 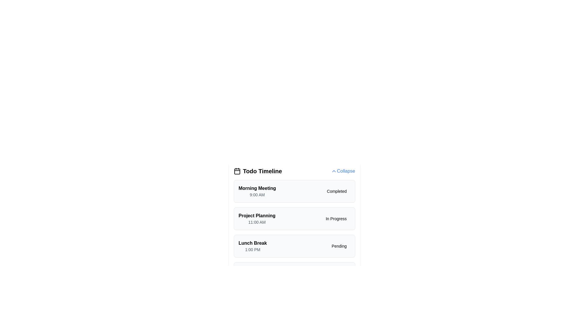 What do you see at coordinates (252, 246) in the screenshot?
I see `information displayed in the Text Display element that shows 'Lunch Break' and '1:00 PM' in the Todo Timeline section` at bounding box center [252, 246].